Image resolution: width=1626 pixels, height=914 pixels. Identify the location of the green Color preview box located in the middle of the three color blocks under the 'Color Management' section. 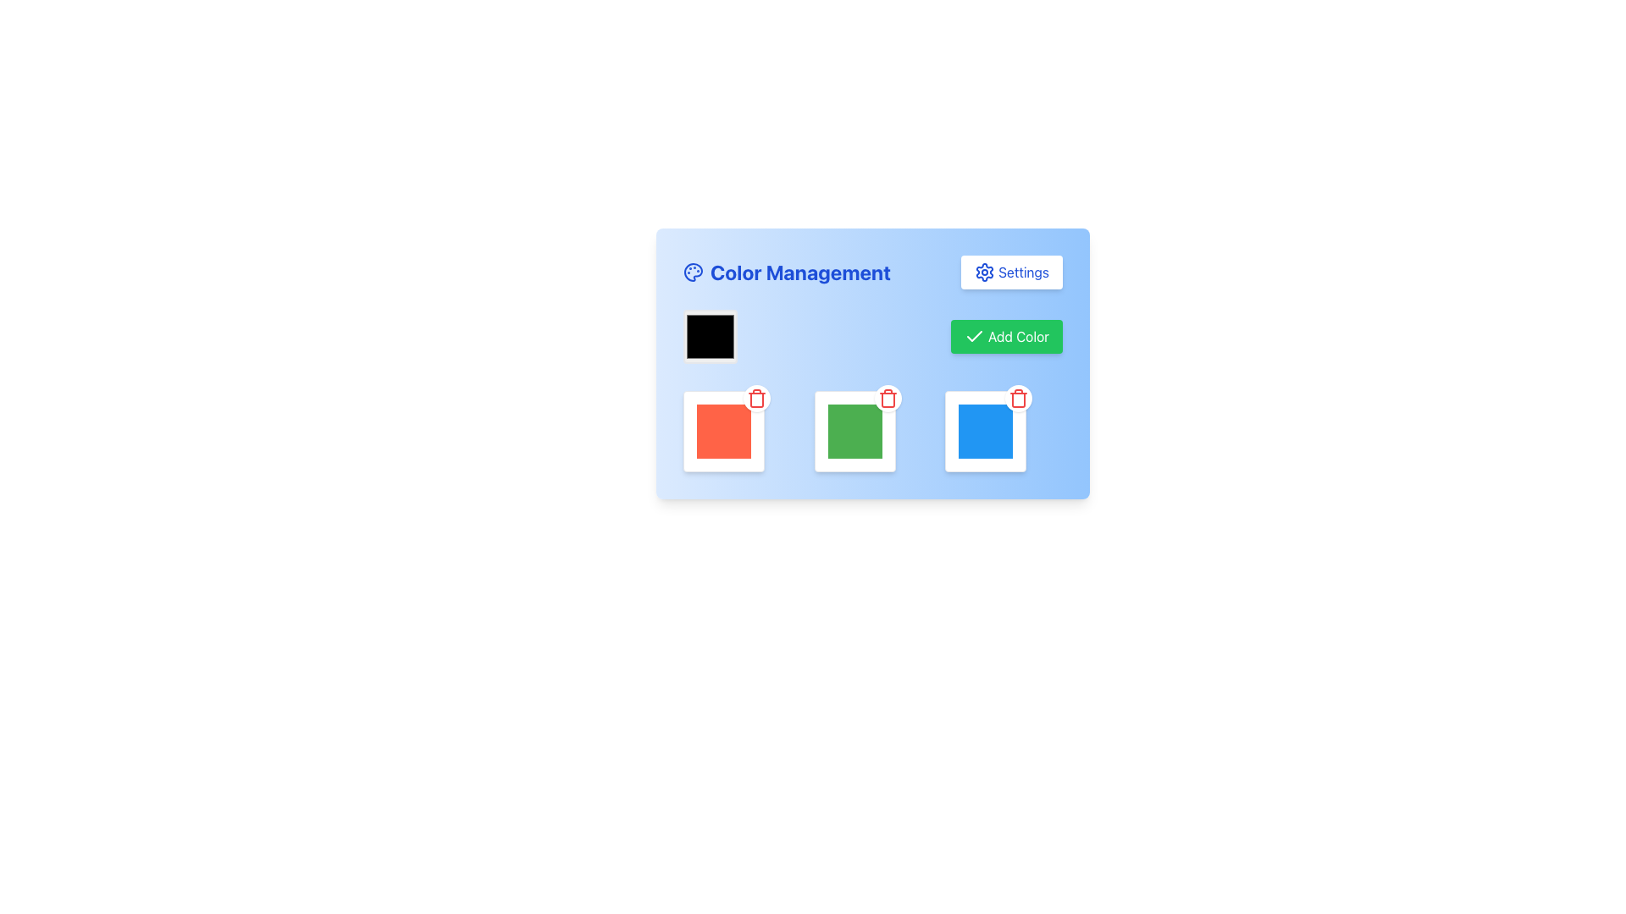
(854, 430).